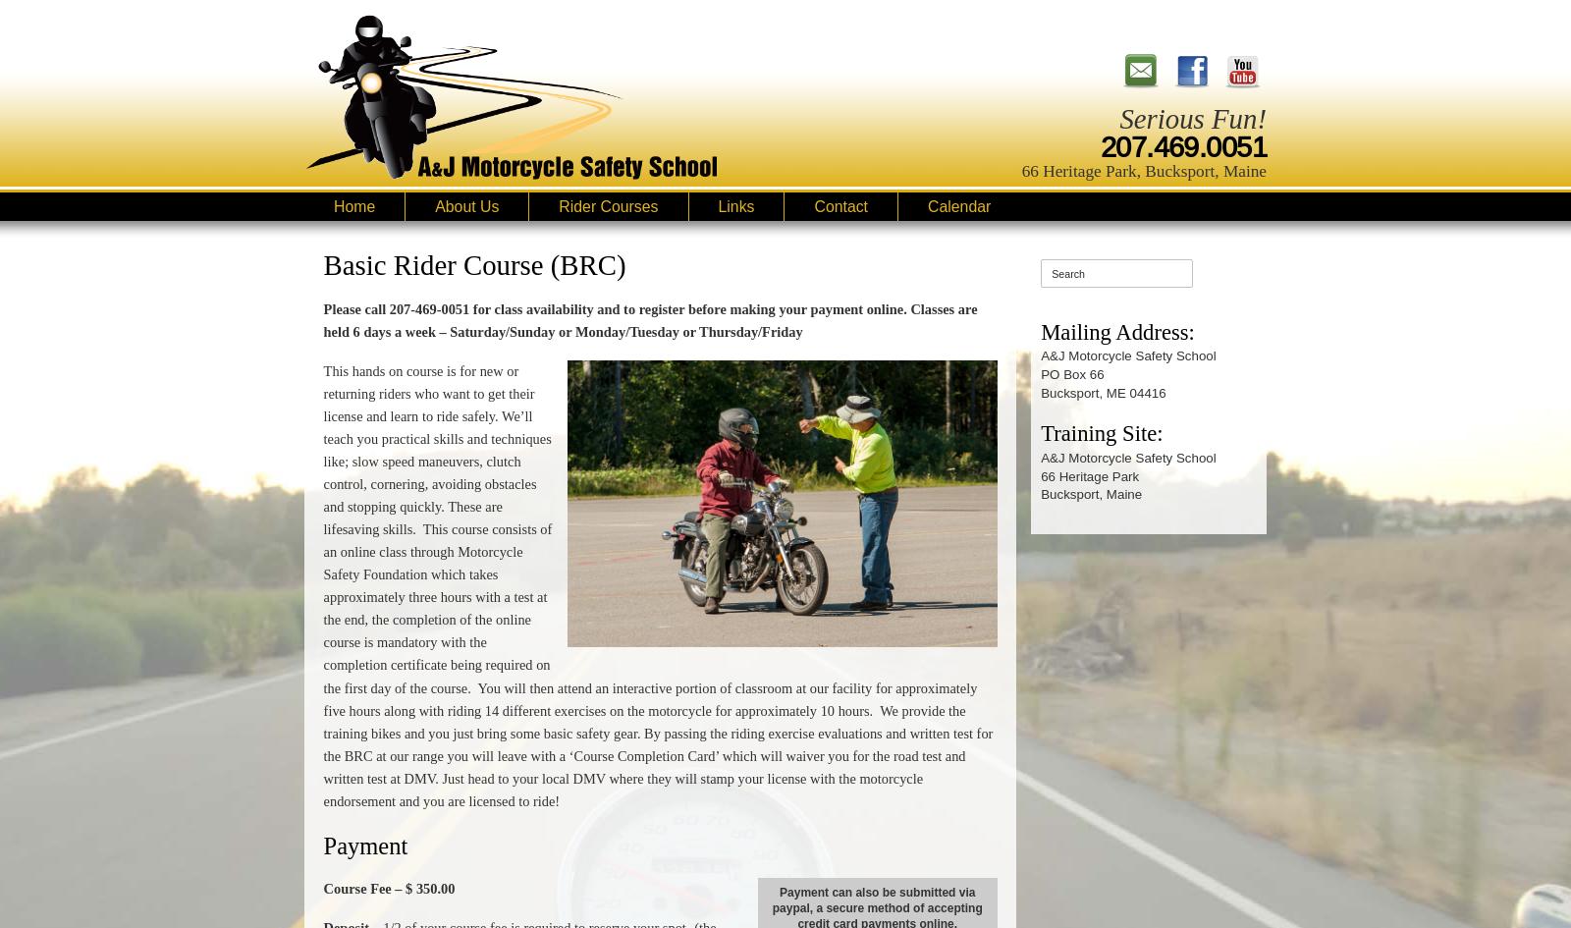 This screenshot has height=928, width=1571. Describe the element at coordinates (1101, 433) in the screenshot. I see `'Training Site:'` at that location.